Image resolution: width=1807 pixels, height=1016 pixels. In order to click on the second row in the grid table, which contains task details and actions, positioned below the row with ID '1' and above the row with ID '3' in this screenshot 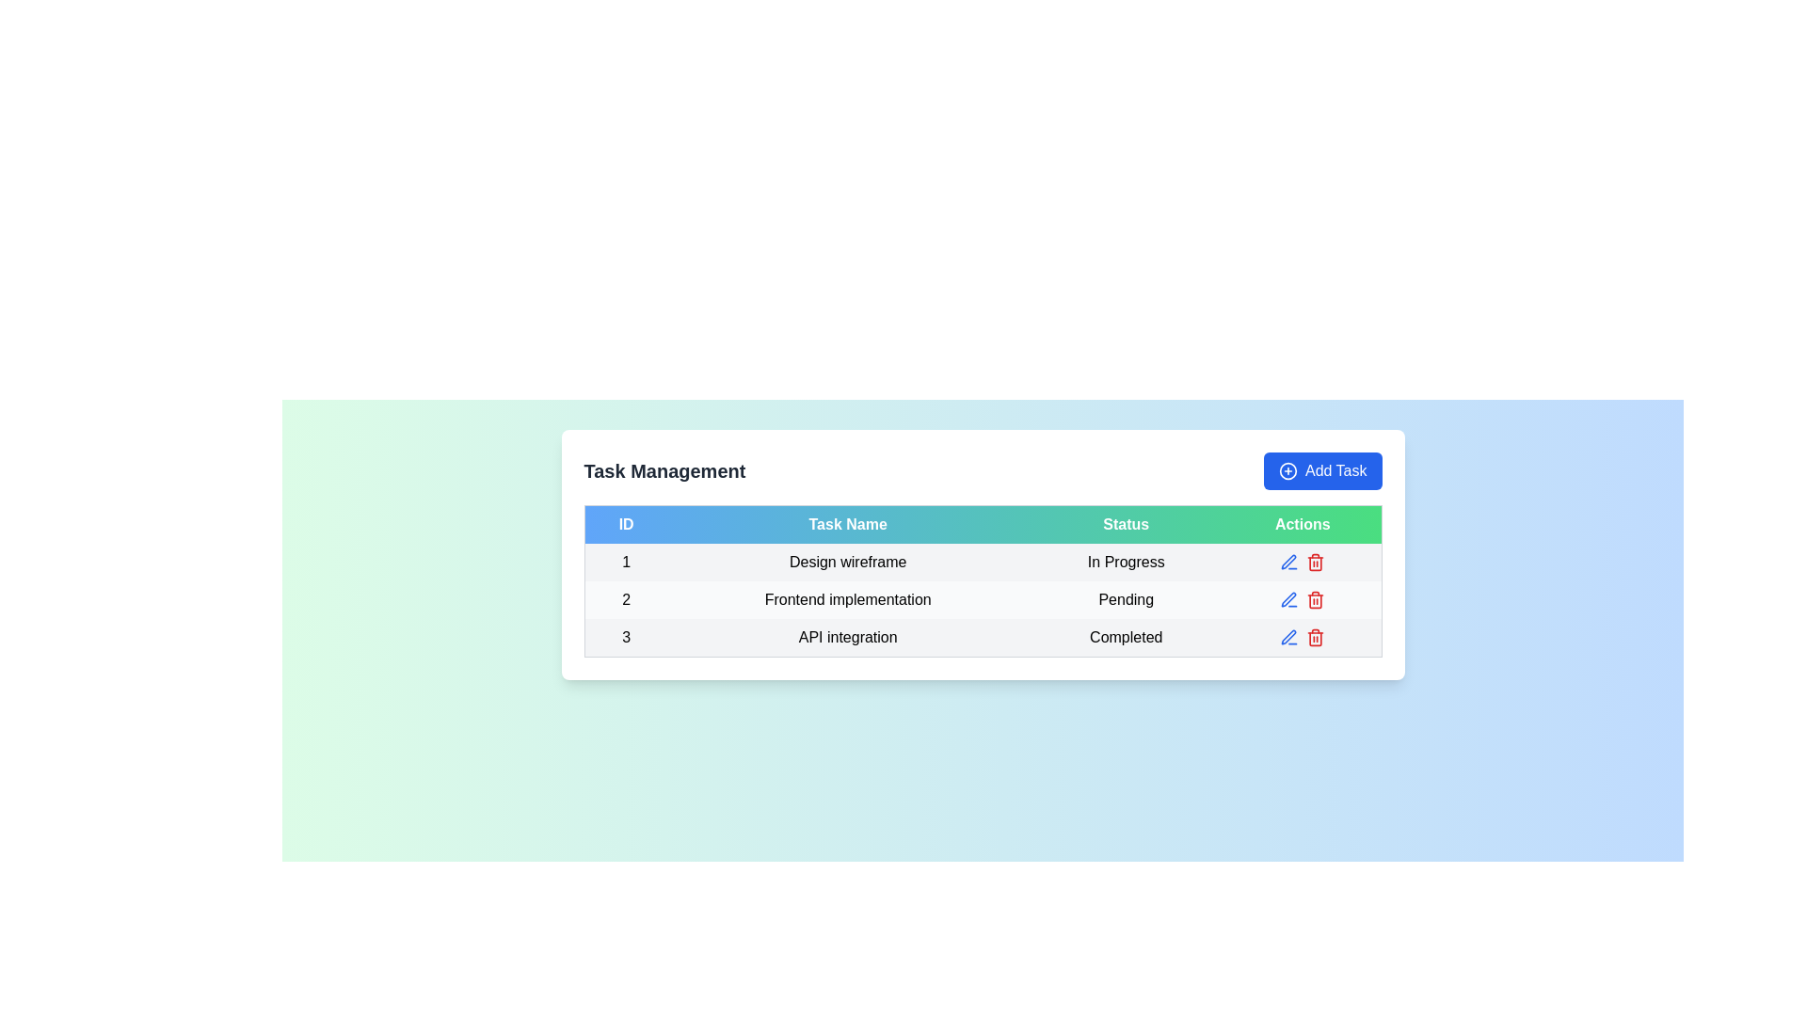, I will do `click(982, 599)`.